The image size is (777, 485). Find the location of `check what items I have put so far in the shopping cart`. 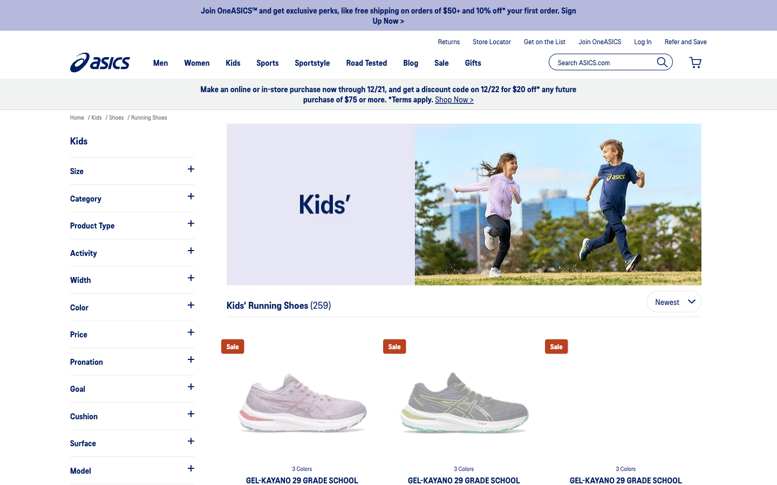

check what items I have put so far in the shopping cart is located at coordinates (695, 63).